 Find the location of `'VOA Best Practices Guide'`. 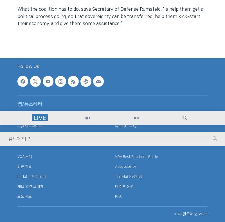

'VOA Best Practices Guide' is located at coordinates (115, 156).